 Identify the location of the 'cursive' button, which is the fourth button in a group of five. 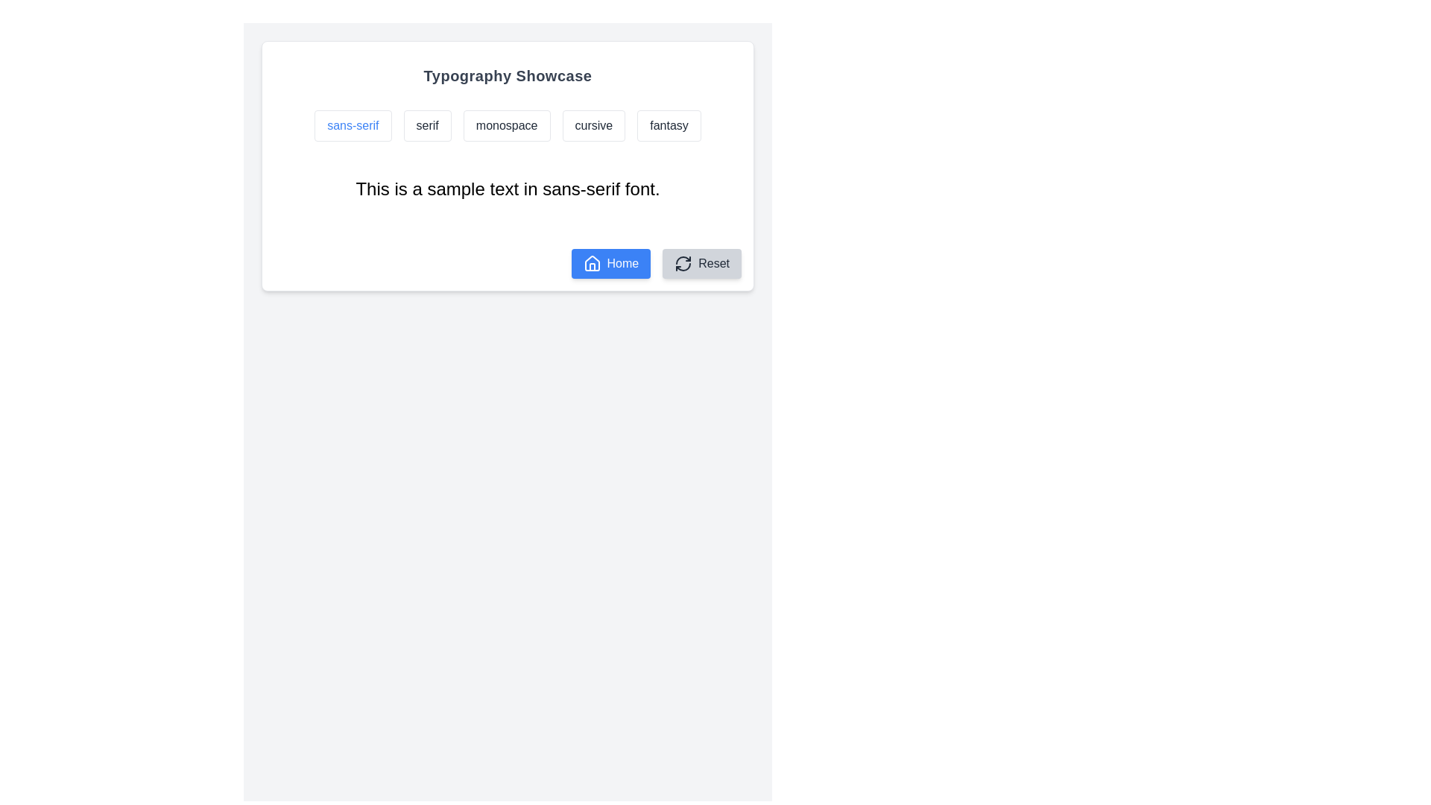
(593, 125).